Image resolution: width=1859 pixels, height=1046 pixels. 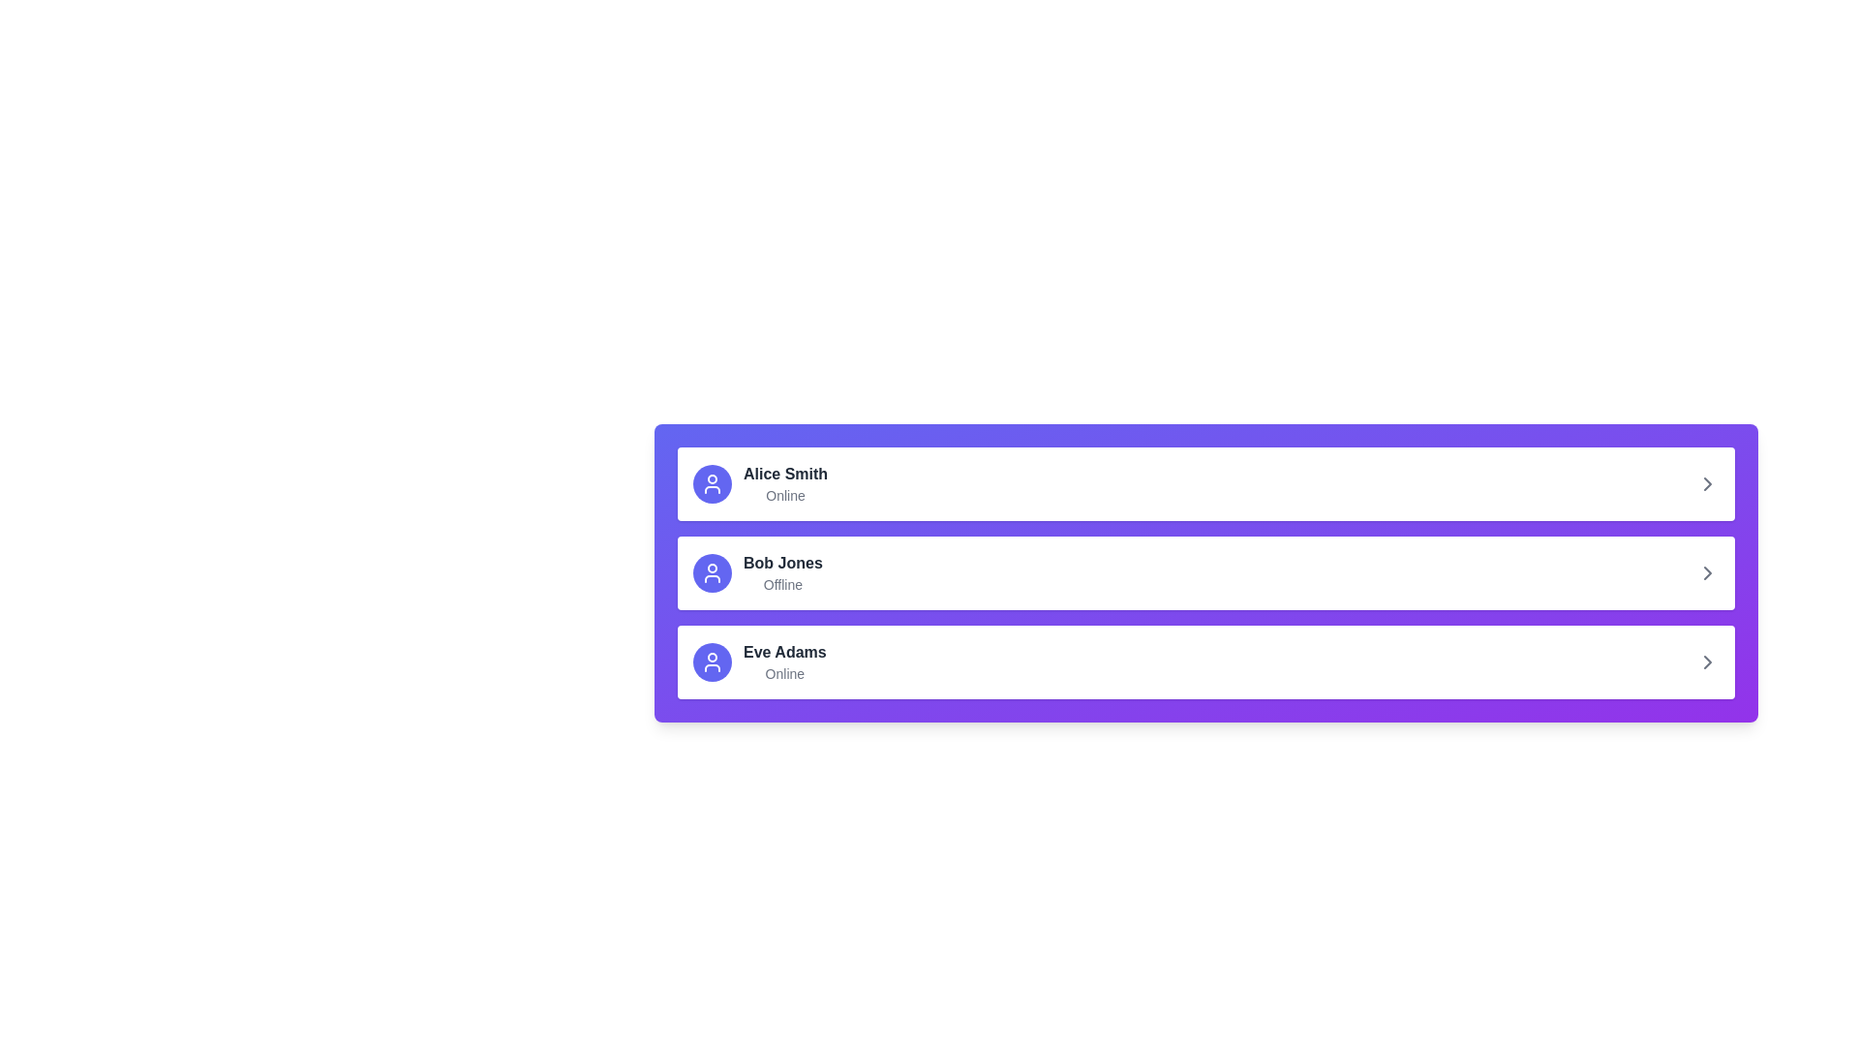 What do you see at coordinates (1707, 661) in the screenshot?
I see `the small arrow icon located at the far right of the third list row` at bounding box center [1707, 661].